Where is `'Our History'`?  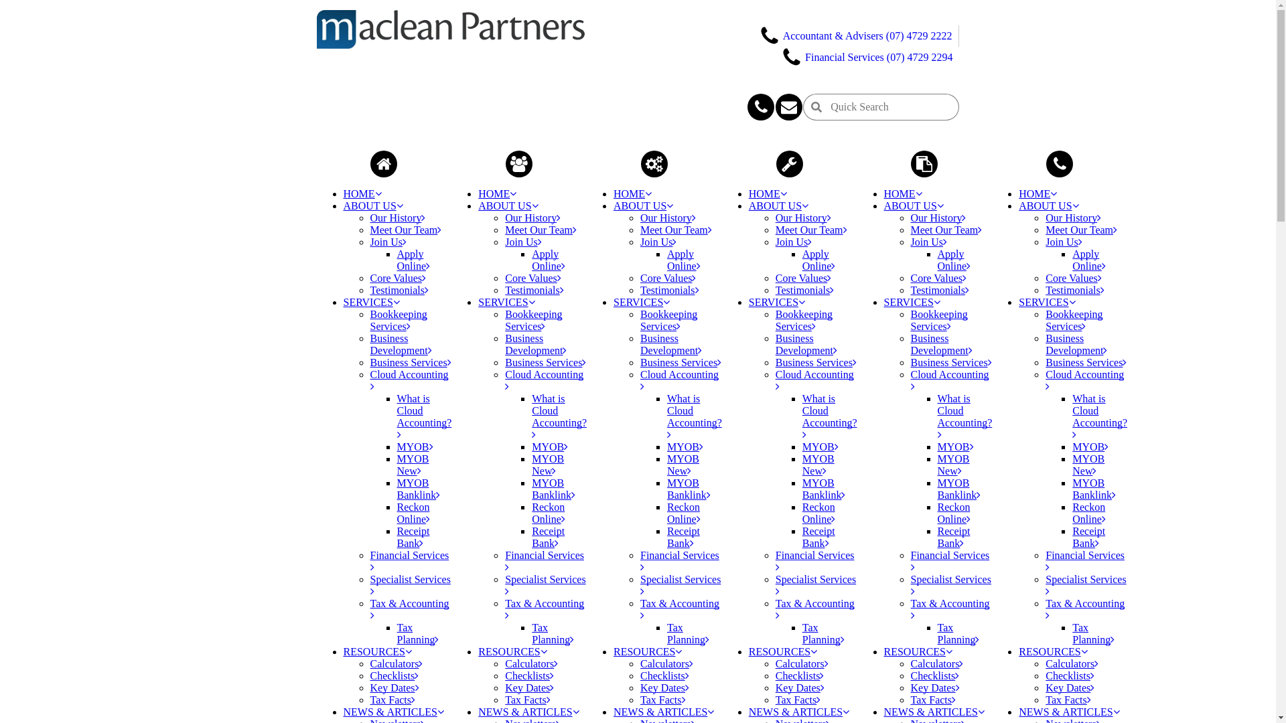 'Our History' is located at coordinates (803, 217).